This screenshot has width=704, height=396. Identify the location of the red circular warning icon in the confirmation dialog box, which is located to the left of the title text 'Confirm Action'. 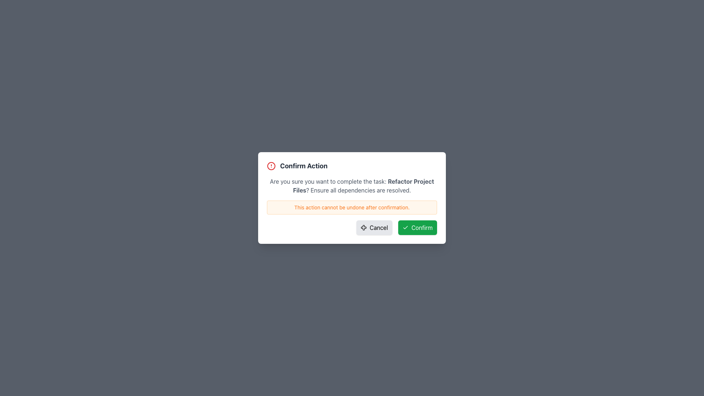
(271, 166).